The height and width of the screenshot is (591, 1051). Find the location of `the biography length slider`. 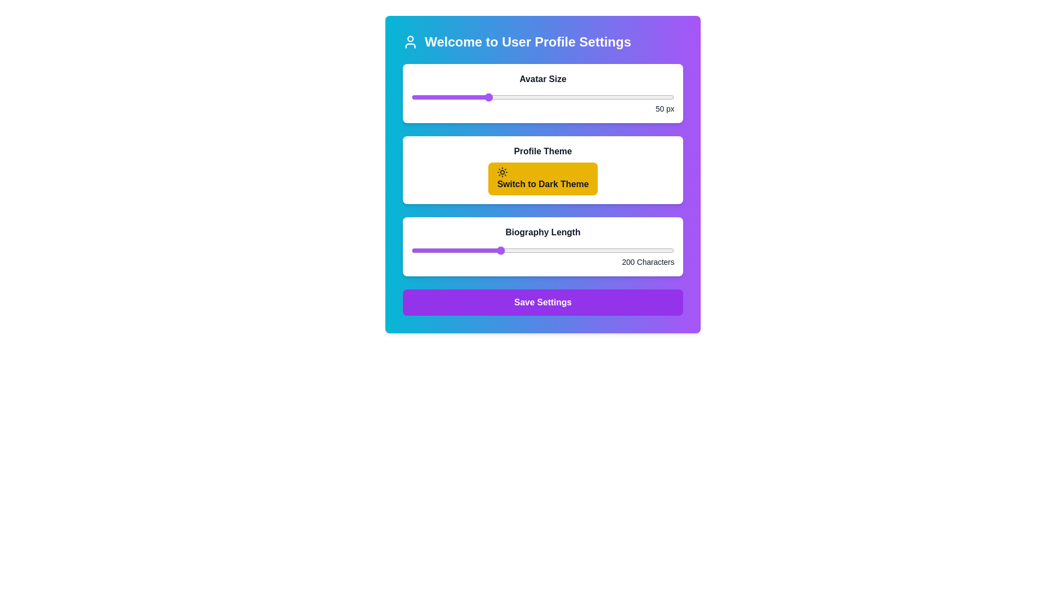

the biography length slider is located at coordinates (429, 251).